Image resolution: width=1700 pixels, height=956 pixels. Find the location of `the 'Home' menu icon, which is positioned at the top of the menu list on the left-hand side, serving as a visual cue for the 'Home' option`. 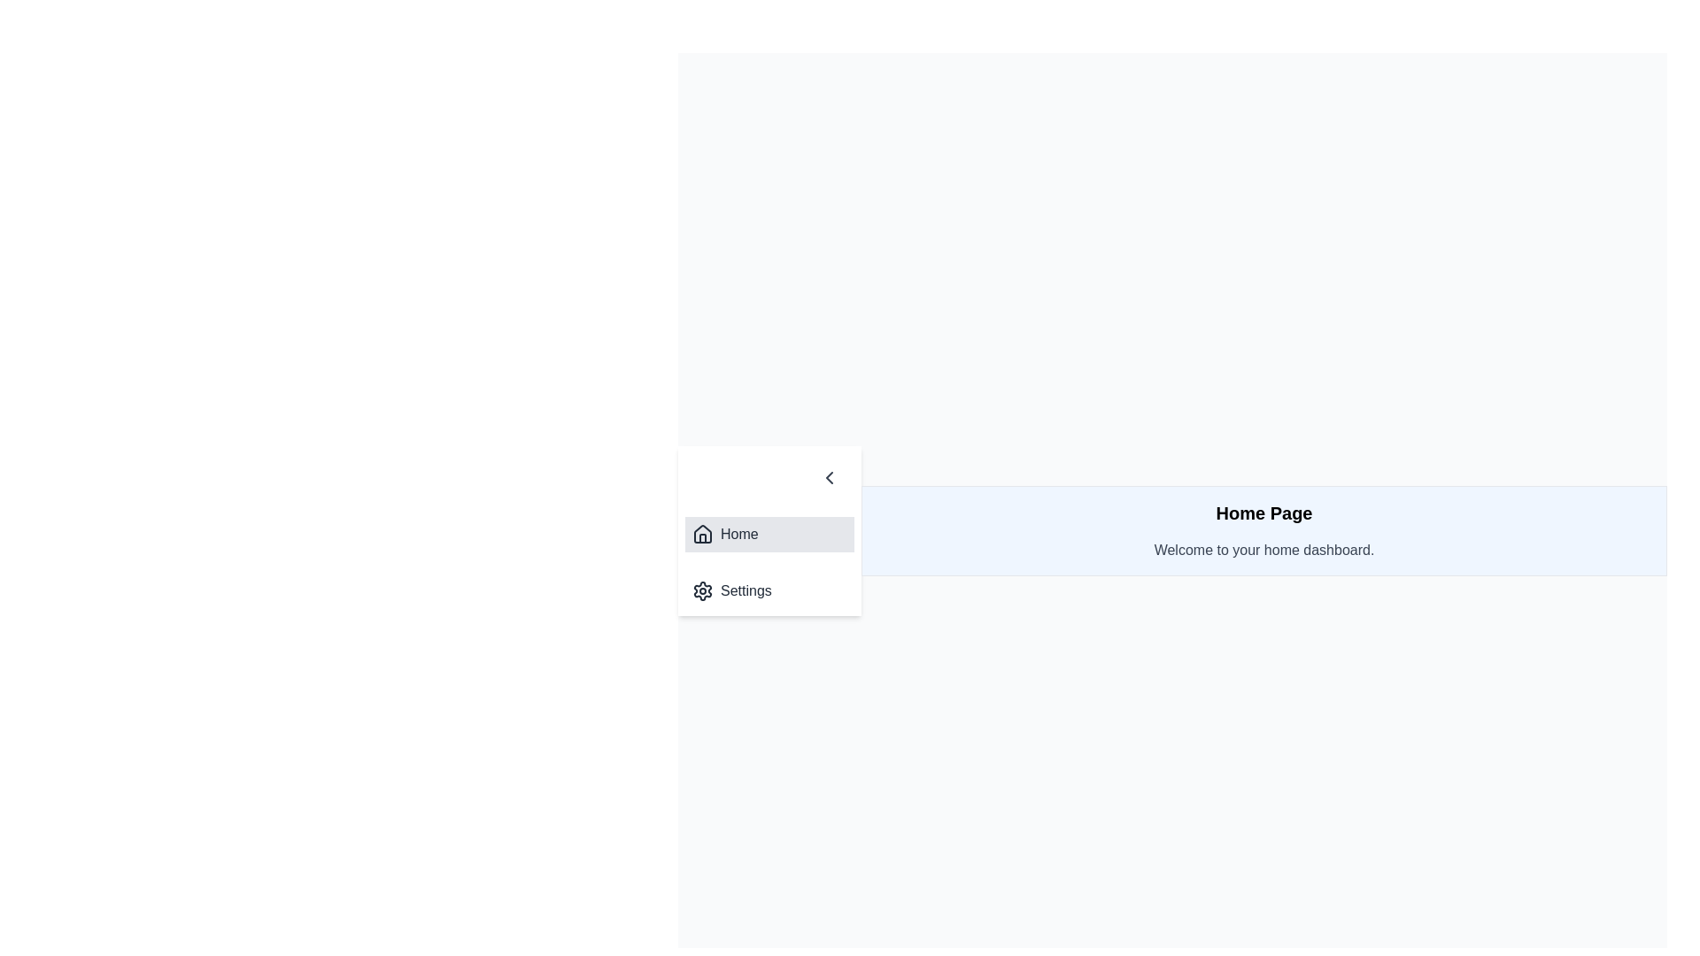

the 'Home' menu icon, which is positioned at the top of the menu list on the left-hand side, serving as a visual cue for the 'Home' option is located at coordinates (701, 532).